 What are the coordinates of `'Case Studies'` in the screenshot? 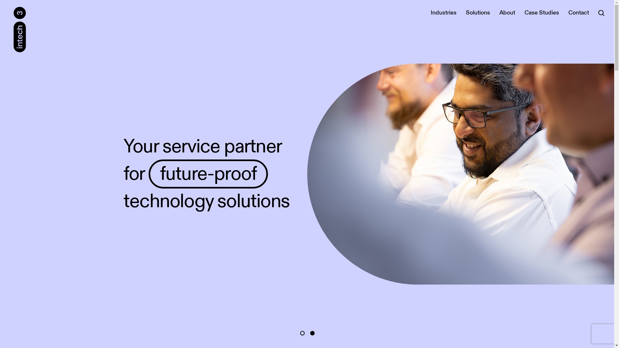 It's located at (542, 13).